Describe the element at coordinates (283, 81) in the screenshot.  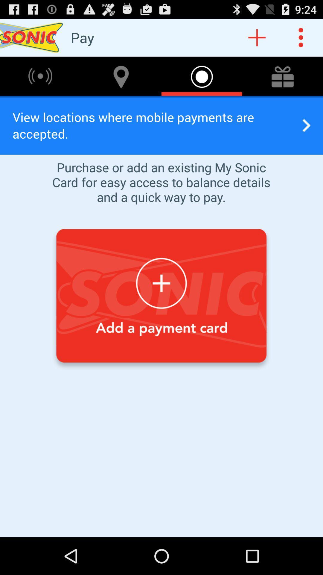
I see `the gift icon` at that location.